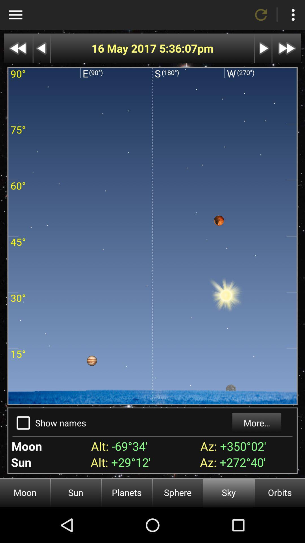 This screenshot has width=305, height=543. Describe the element at coordinates (23, 423) in the screenshot. I see `show names` at that location.